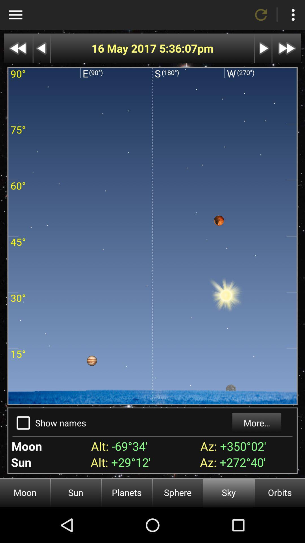 This screenshot has width=305, height=543. Describe the element at coordinates (23, 423) in the screenshot. I see `show names` at that location.